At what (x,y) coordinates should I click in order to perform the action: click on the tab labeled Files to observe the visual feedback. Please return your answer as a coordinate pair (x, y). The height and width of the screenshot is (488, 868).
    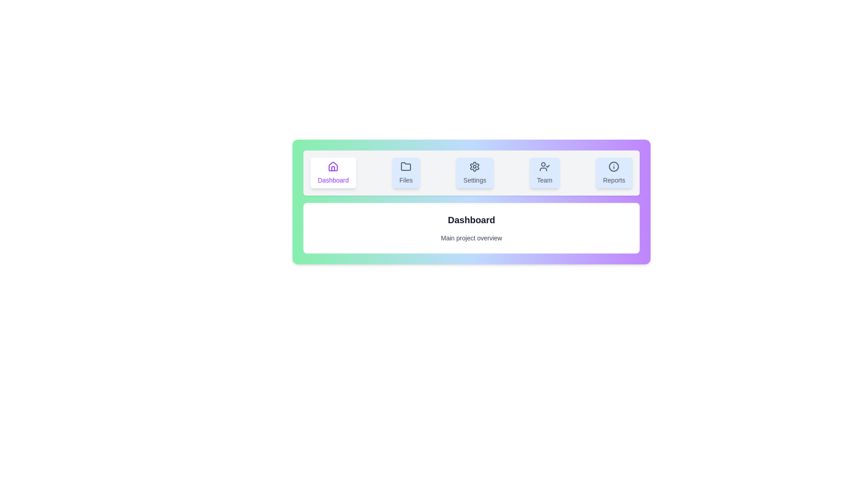
    Looking at the image, I should click on (406, 173).